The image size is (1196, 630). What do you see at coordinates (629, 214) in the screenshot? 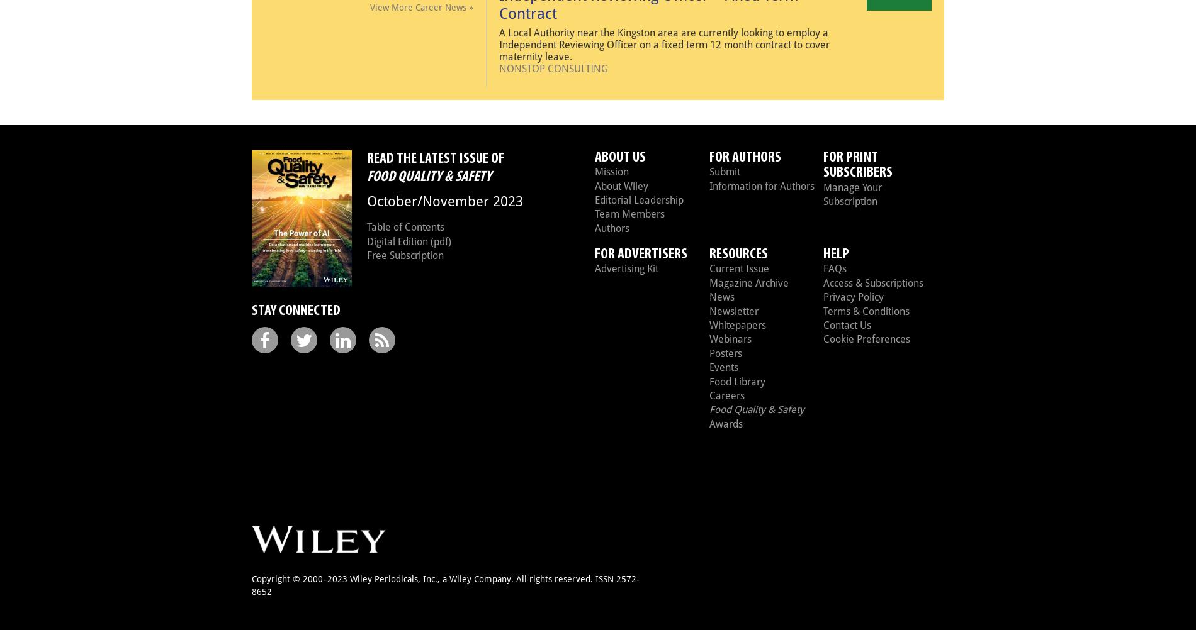
I see `'Team Members'` at bounding box center [629, 214].